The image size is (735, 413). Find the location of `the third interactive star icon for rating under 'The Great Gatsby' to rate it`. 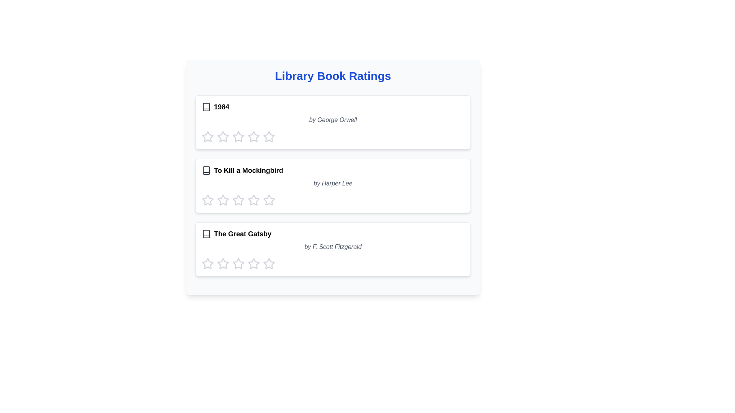

the third interactive star icon for rating under 'The Great Gatsby' to rate it is located at coordinates (253, 263).